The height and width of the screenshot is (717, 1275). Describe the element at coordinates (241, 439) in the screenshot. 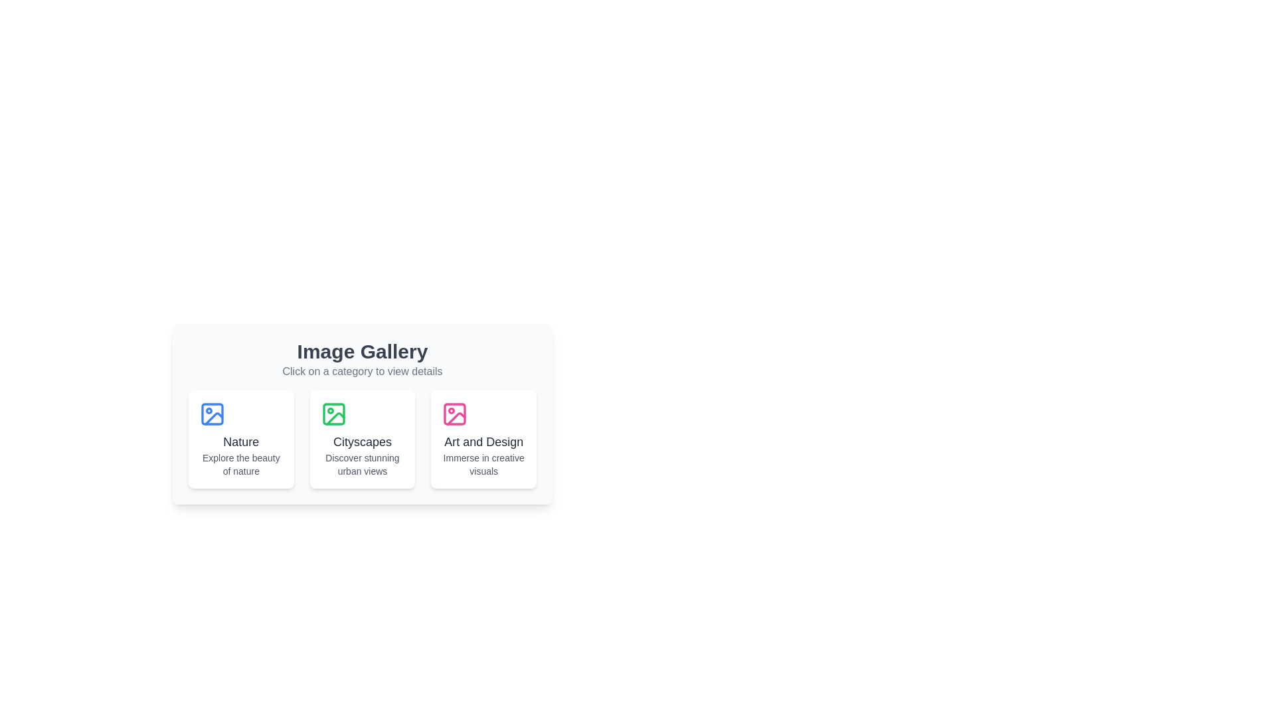

I see `the 'Nature' interactive card element located in the Image Gallery` at that location.